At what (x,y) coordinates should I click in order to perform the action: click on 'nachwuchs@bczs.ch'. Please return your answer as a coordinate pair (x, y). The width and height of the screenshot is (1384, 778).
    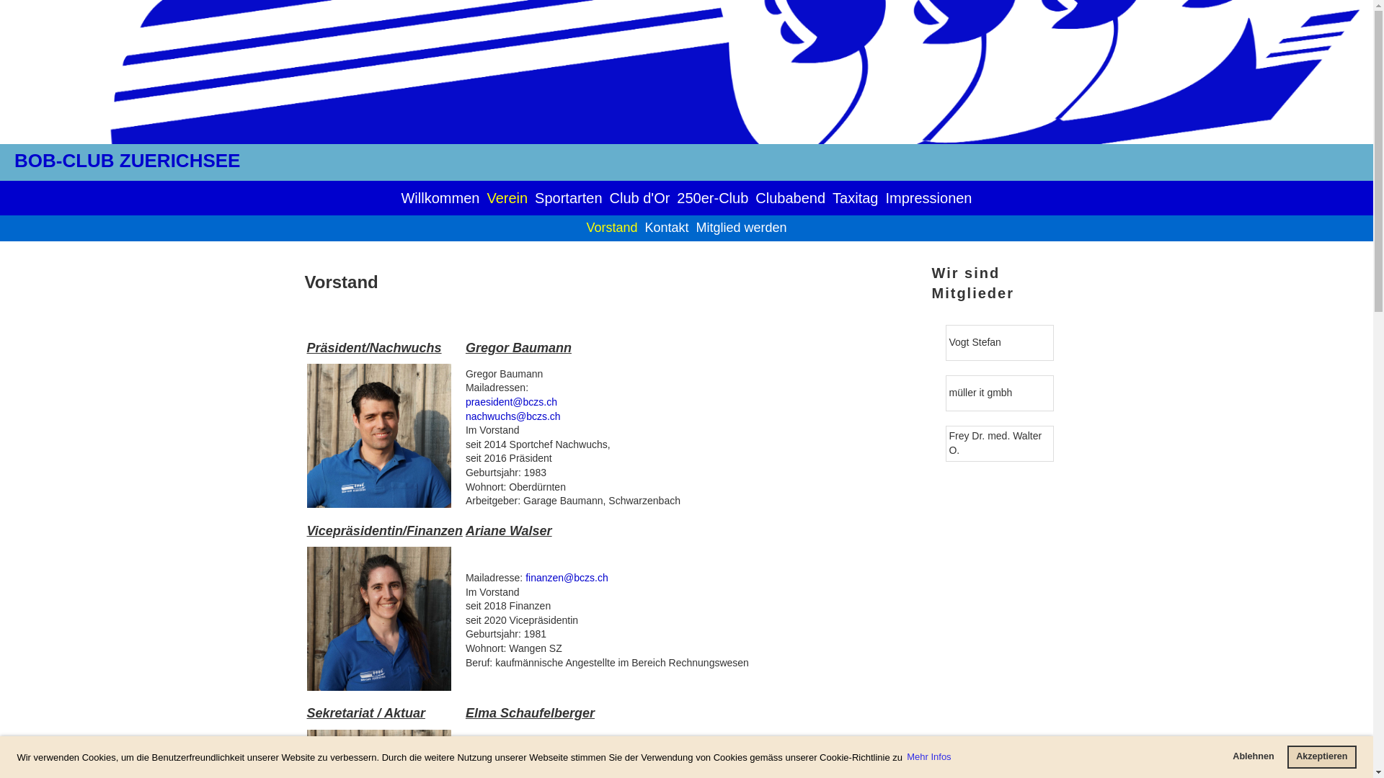
    Looking at the image, I should click on (513, 416).